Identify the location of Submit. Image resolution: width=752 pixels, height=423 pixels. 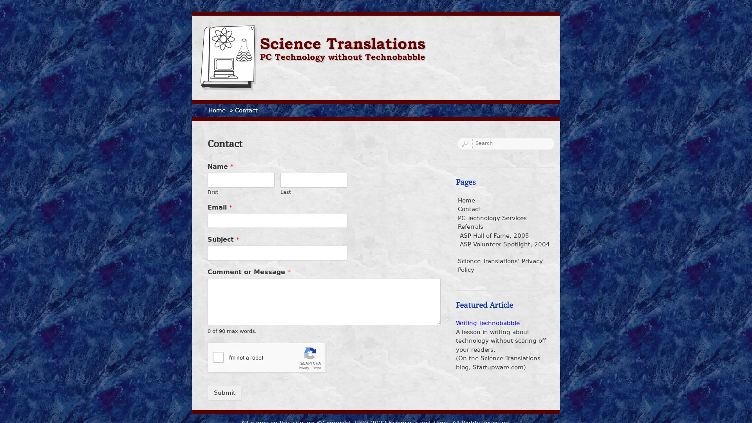
(224, 392).